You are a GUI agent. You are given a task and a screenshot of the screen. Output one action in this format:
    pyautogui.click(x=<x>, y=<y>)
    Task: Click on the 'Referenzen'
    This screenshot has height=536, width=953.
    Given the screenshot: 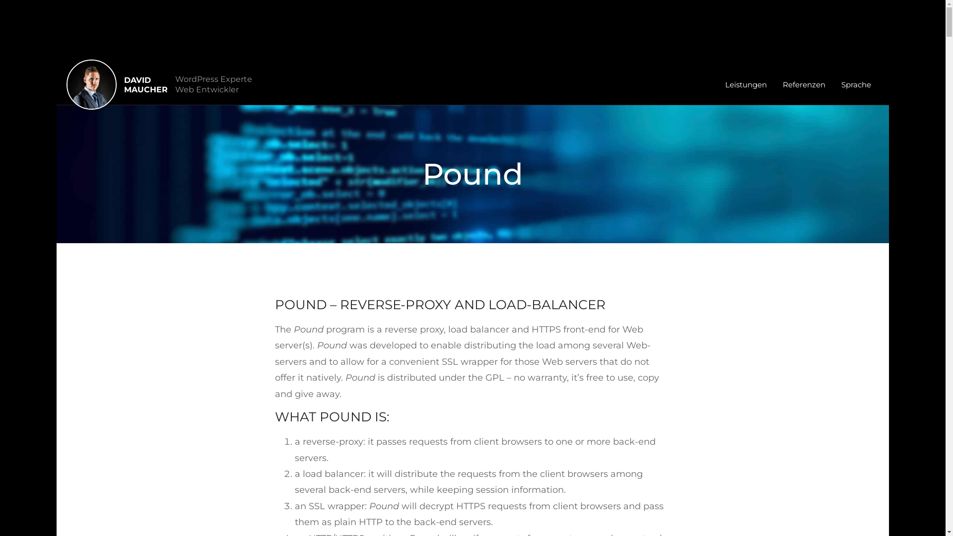 What is the action you would take?
    pyautogui.click(x=804, y=84)
    